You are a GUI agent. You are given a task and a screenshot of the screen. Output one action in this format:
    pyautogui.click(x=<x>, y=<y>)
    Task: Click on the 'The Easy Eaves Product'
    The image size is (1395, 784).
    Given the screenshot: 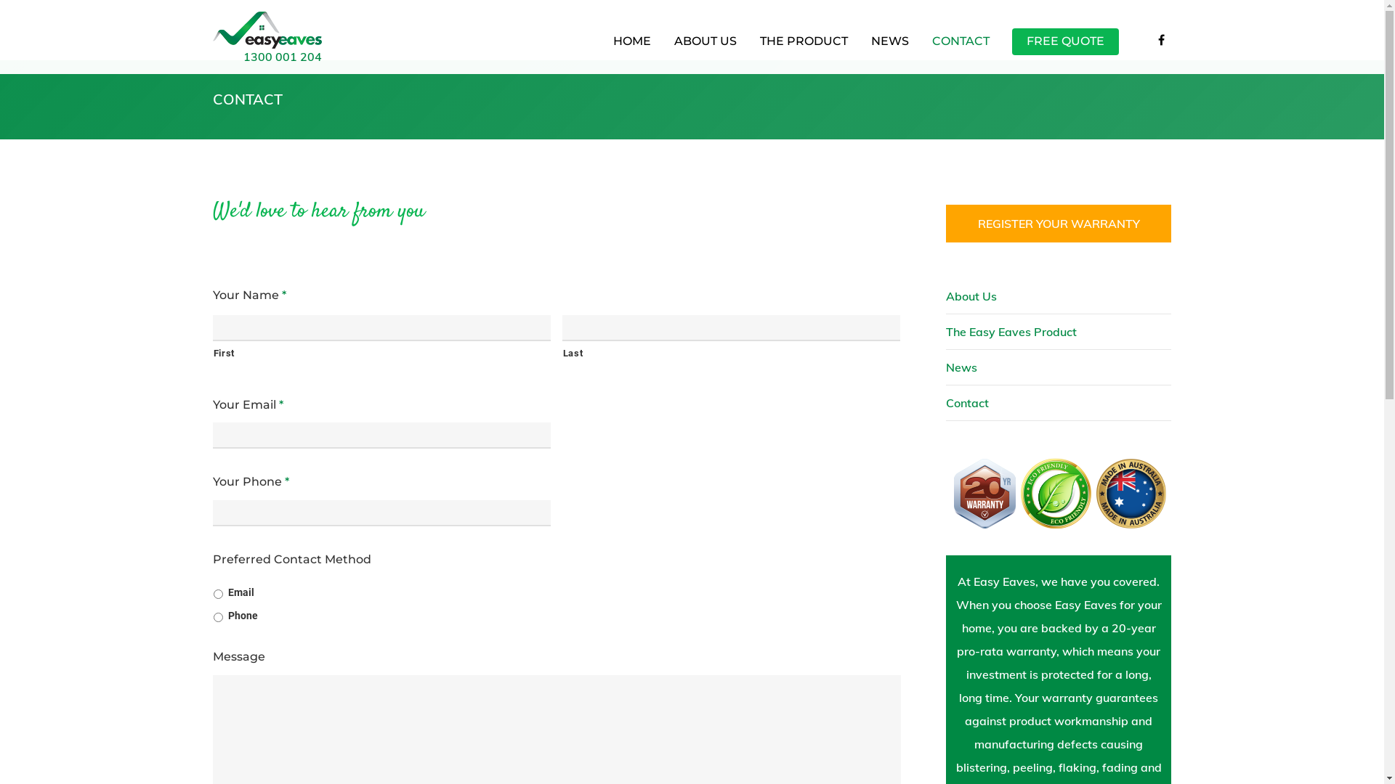 What is the action you would take?
    pyautogui.click(x=1059, y=332)
    